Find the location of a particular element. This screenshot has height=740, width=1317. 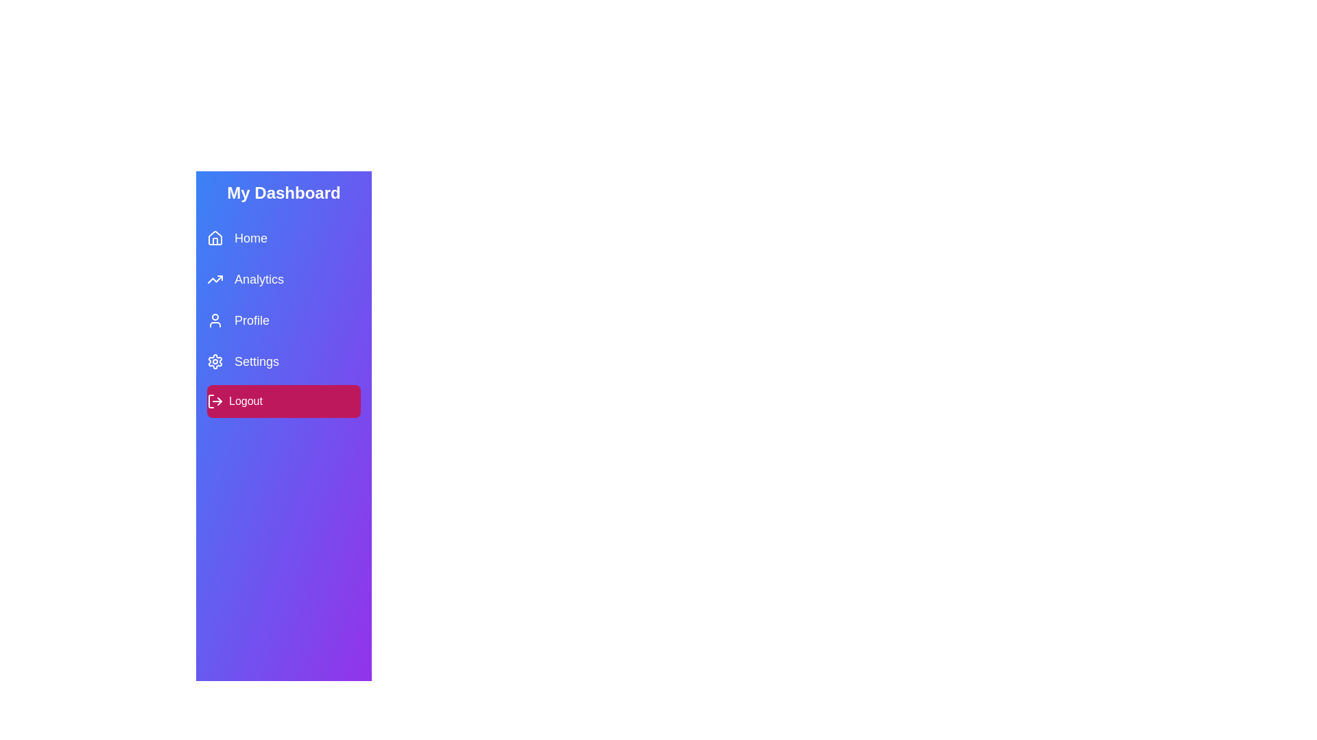

the navigation button located third in the vertically stacked menu, which leads to the user profile page is located at coordinates (283, 320).